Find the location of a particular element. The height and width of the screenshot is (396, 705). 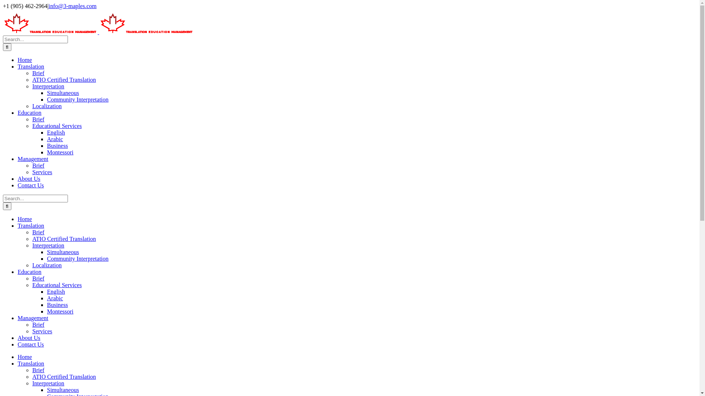

'ATIO Certified Translation' is located at coordinates (32, 80).